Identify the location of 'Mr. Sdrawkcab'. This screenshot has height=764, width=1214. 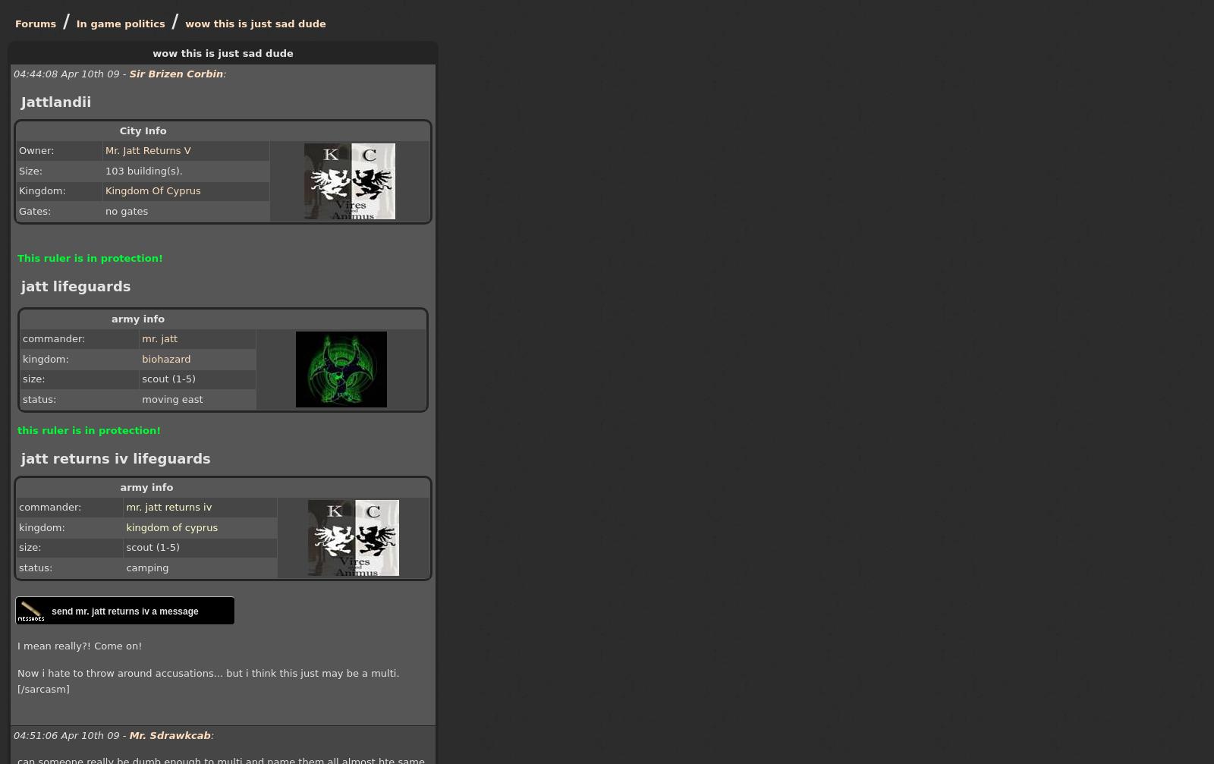
(169, 734).